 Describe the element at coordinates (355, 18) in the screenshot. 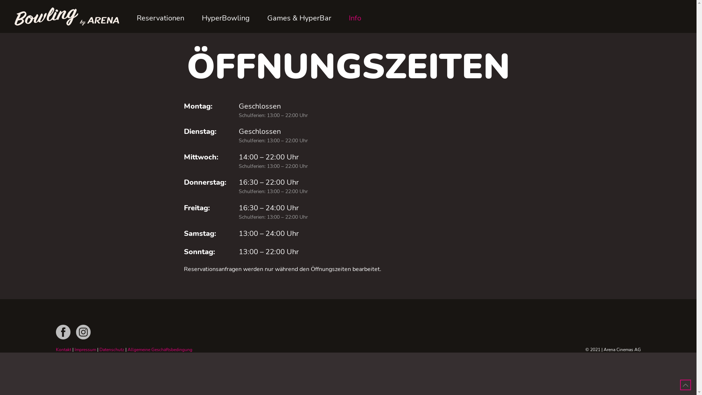

I see `'Info'` at that location.